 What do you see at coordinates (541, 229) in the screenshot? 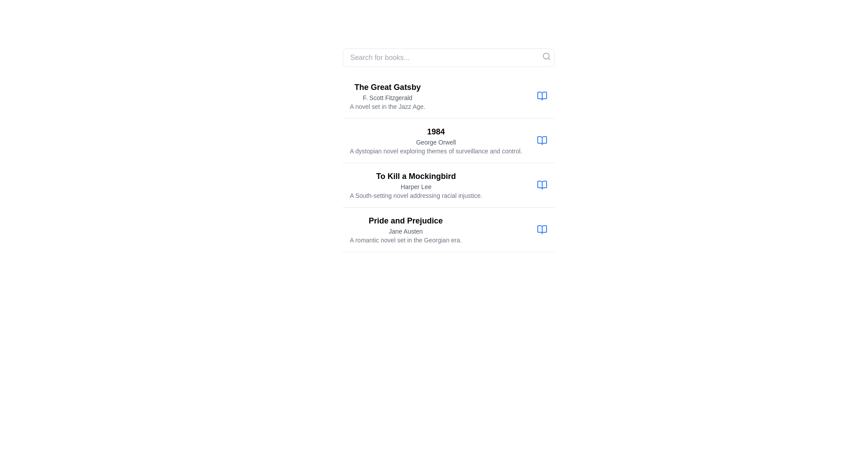
I see `the book icon located to the right of the 'Pride and Prejudice' entry` at bounding box center [541, 229].